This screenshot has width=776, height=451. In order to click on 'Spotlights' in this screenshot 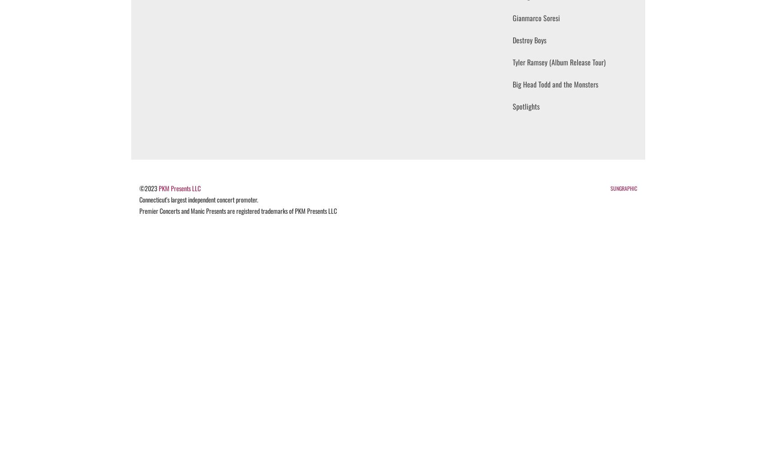, I will do `click(525, 106)`.